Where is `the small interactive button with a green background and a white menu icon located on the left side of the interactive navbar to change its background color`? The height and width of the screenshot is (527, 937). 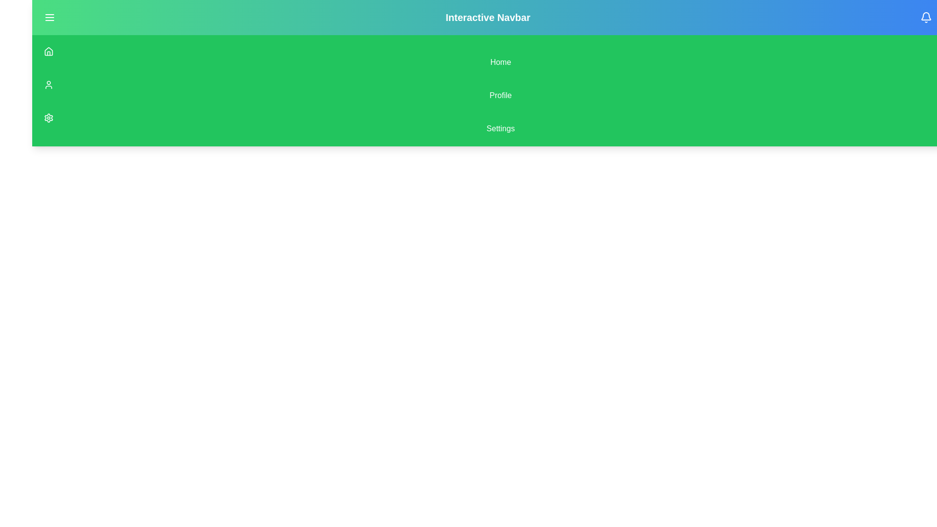
the small interactive button with a green background and a white menu icon located on the left side of the interactive navbar to change its background color is located at coordinates (49, 17).